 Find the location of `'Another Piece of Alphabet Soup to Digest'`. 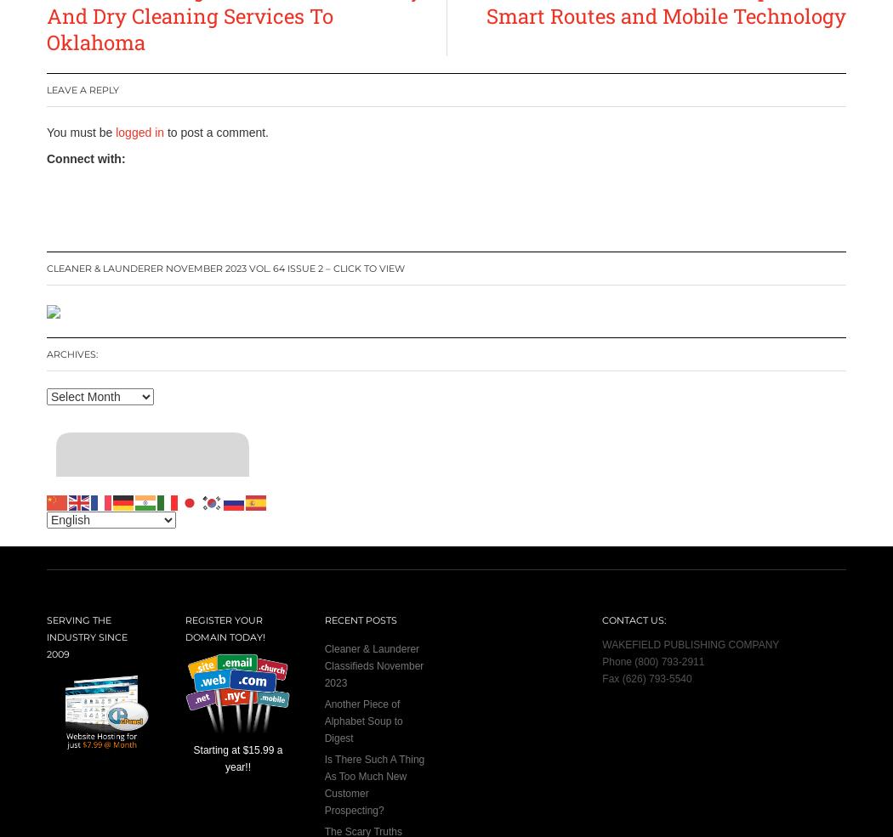

'Another Piece of Alphabet Soup to Digest' is located at coordinates (362, 719).